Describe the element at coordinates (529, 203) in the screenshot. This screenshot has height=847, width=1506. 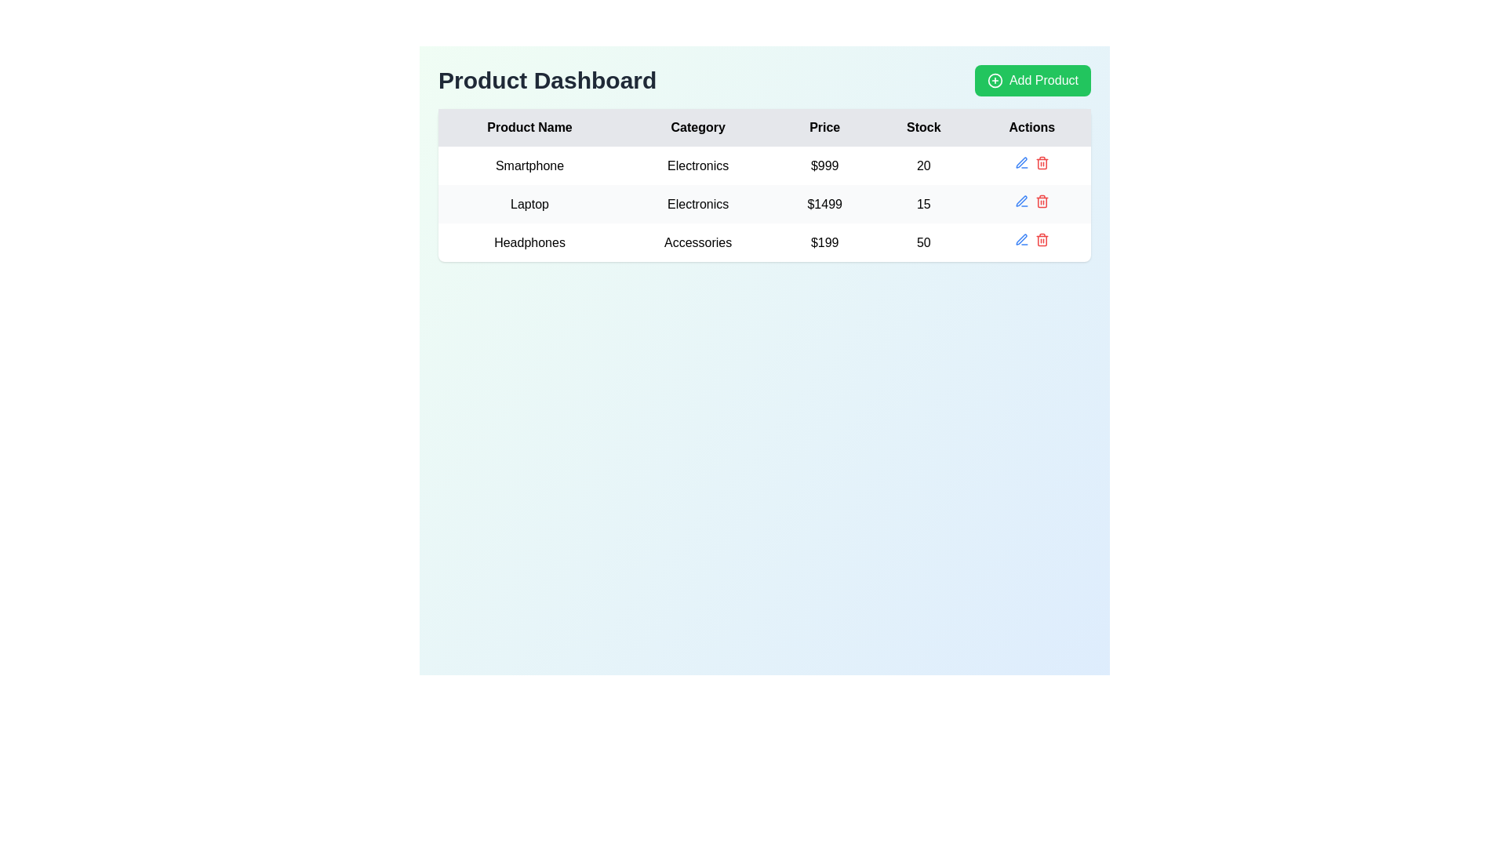
I see `the 'Laptop' text label in the second row of the table under the 'Product Name' header, which is styled in a sans-serif font and positioned between 'Smartphone' and 'Headphones'` at that location.